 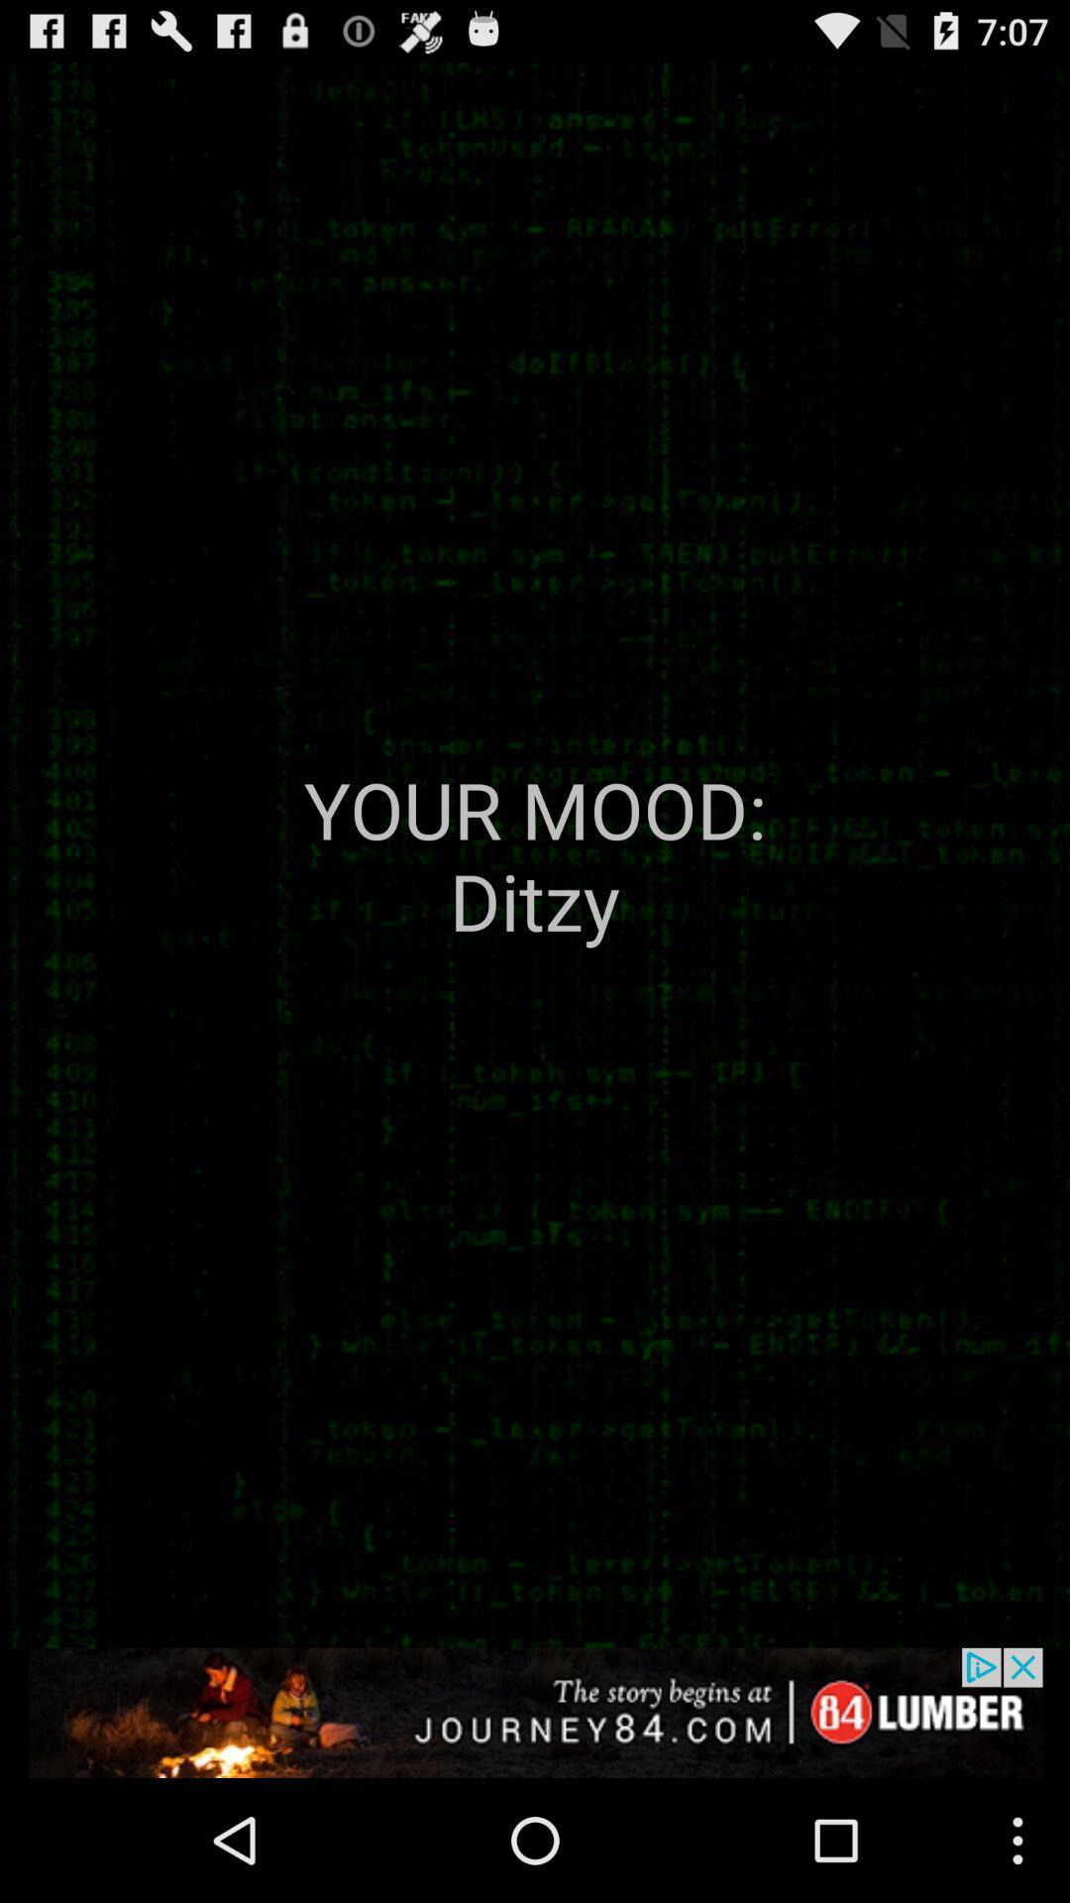 What do you see at coordinates (535, 1712) in the screenshot?
I see `virtual mood ring` at bounding box center [535, 1712].